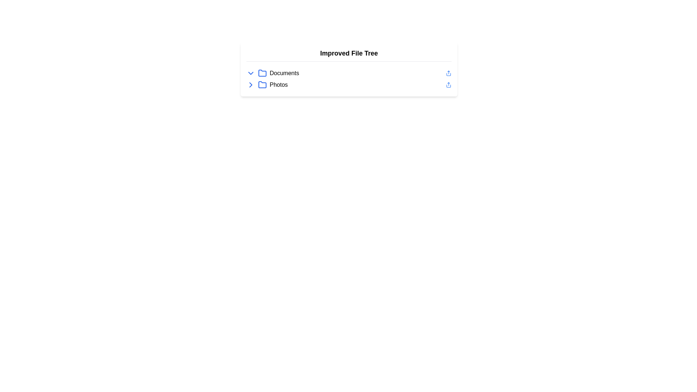  What do you see at coordinates (262, 84) in the screenshot?
I see `the Folder Icon that visually indicates the 'Photos' category in the file tree structure, positioned to the left of the text 'Photos'` at bounding box center [262, 84].